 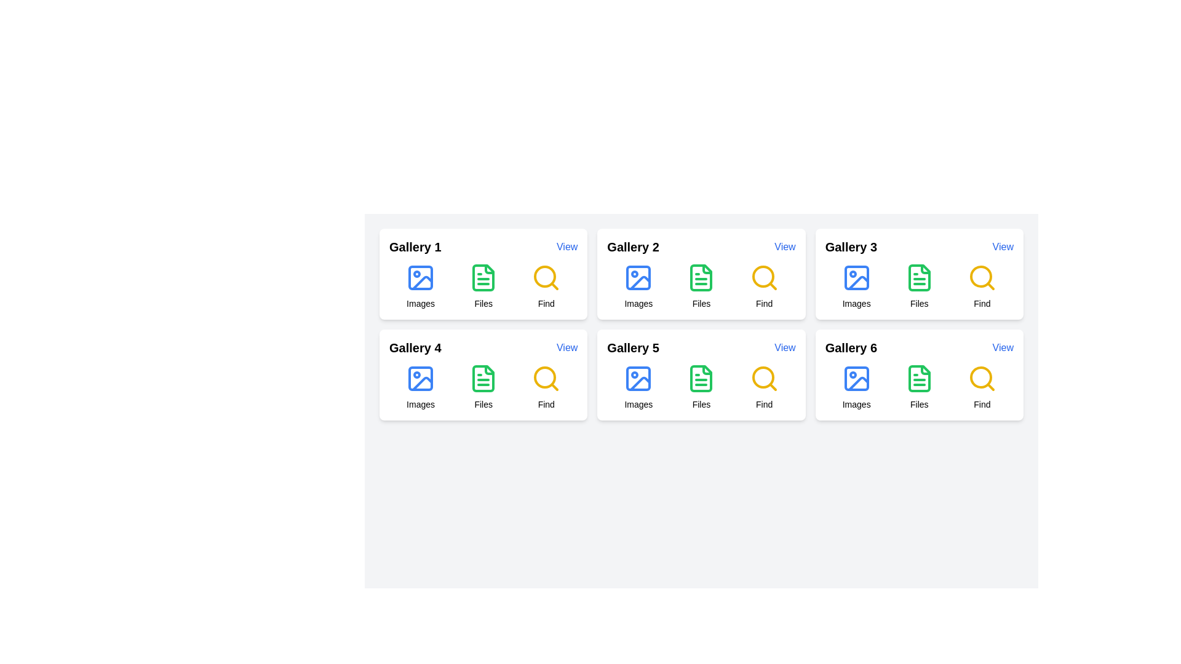 I want to click on the text label displaying 'Images' located at the bottom of the card labeled 'Gallery 6', which is styled with center alignment and positioned above other textual elements, so click(x=856, y=405).